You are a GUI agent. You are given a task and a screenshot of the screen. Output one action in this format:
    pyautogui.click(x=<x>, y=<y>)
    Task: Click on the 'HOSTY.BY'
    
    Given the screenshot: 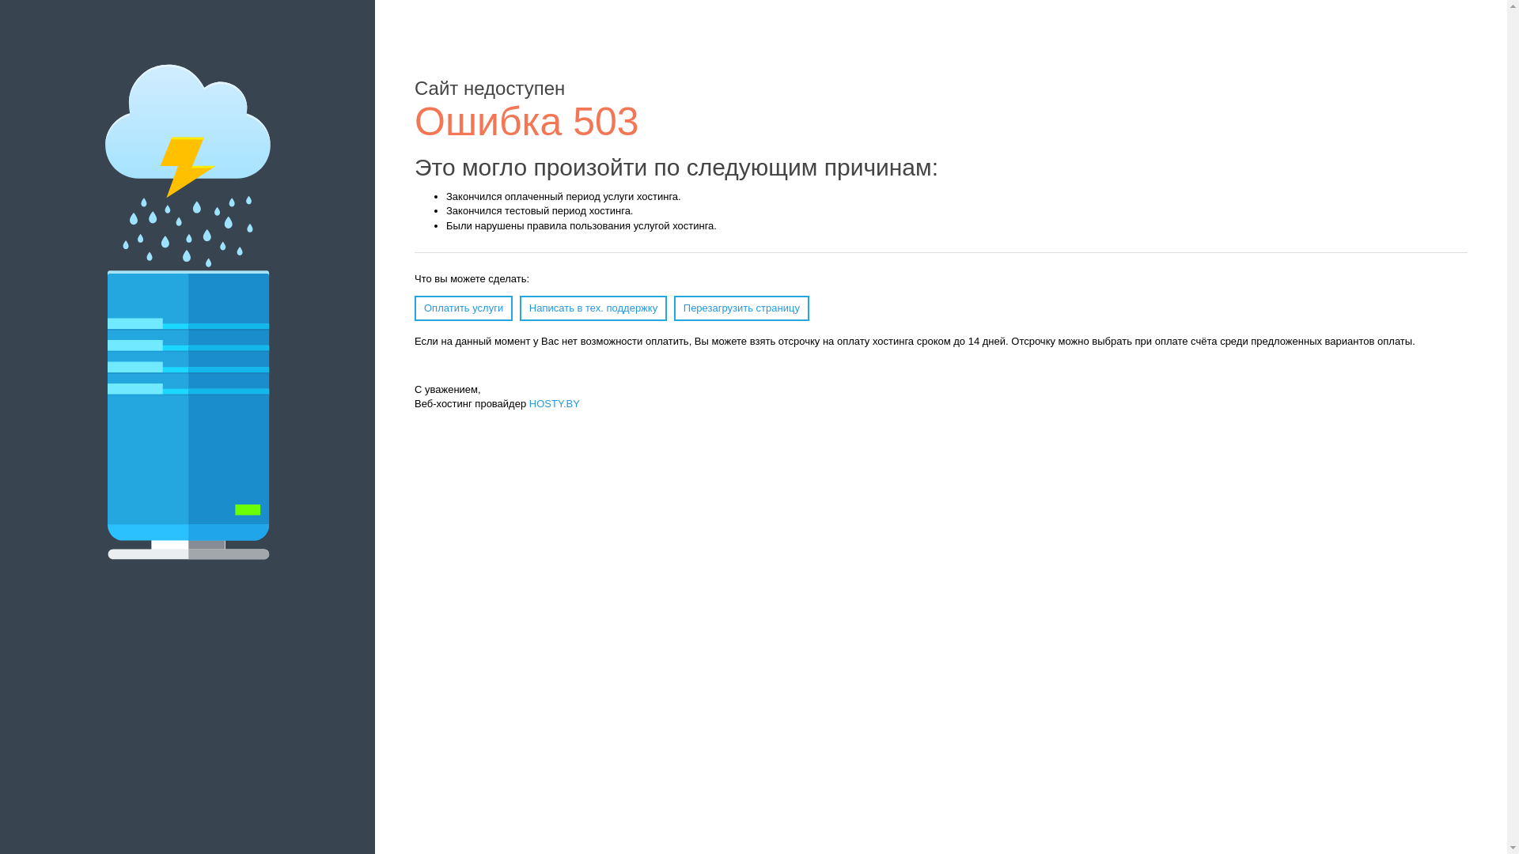 What is the action you would take?
    pyautogui.click(x=554, y=402)
    